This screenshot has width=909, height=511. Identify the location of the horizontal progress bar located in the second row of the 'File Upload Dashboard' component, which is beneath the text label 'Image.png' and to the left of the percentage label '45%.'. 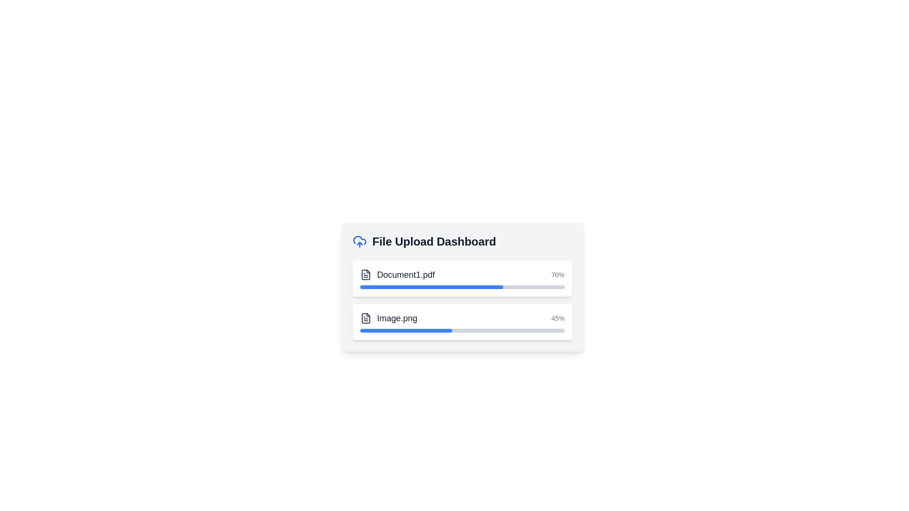
(462, 330).